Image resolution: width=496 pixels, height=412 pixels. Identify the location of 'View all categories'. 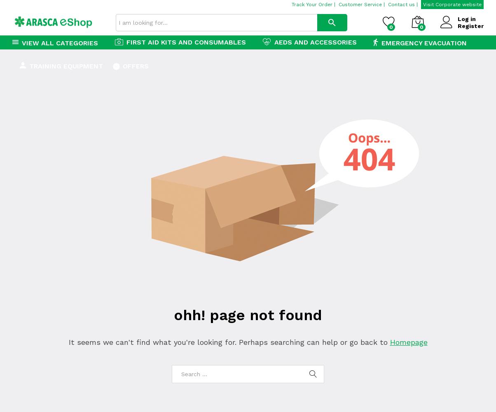
(60, 42).